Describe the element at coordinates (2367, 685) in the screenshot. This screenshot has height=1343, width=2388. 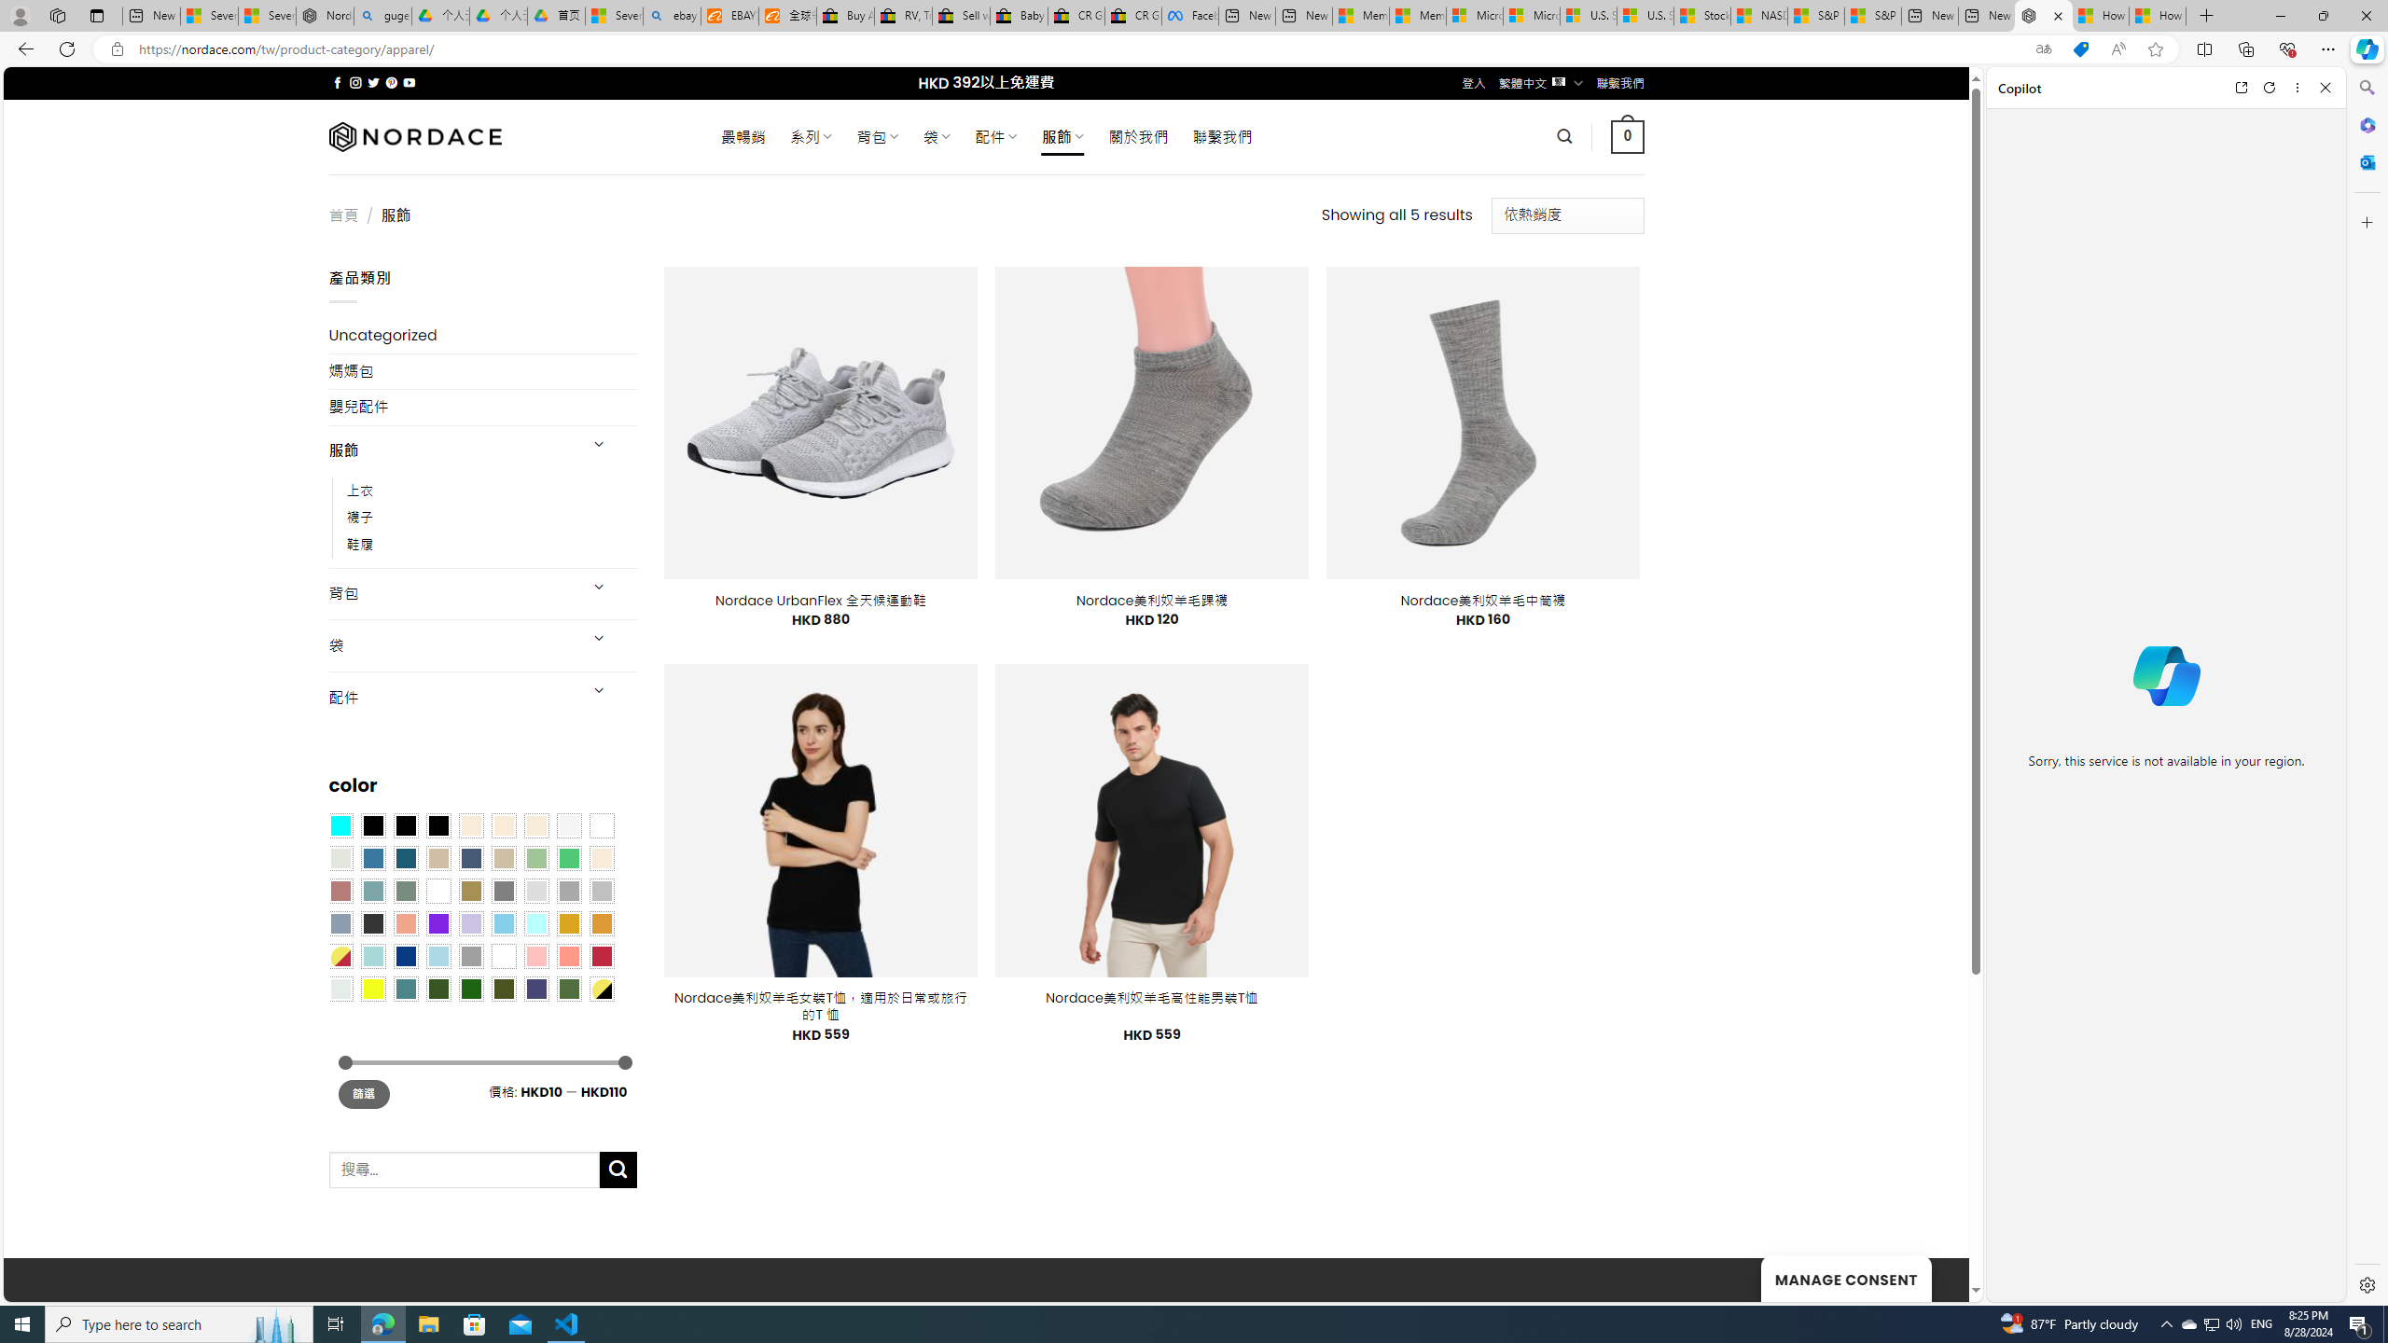
I see `'Side bar'` at that location.